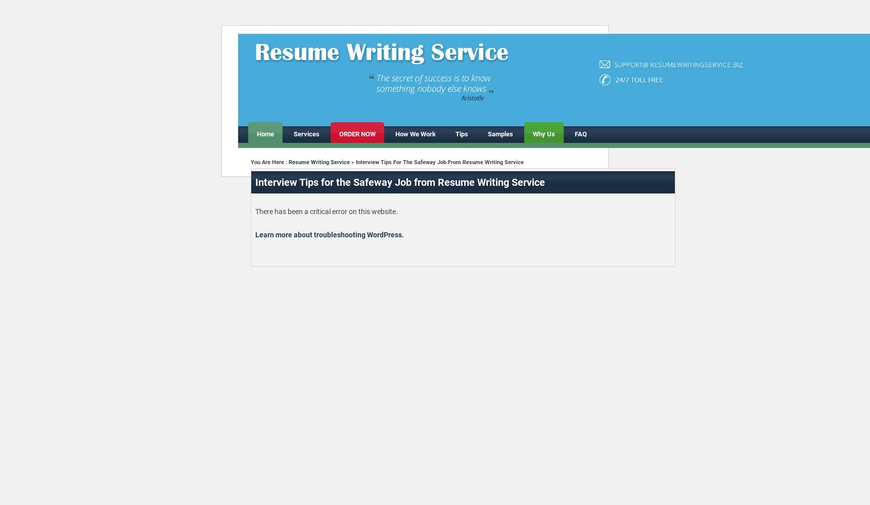 This screenshot has width=870, height=505. I want to click on 'FAQ', so click(580, 134).